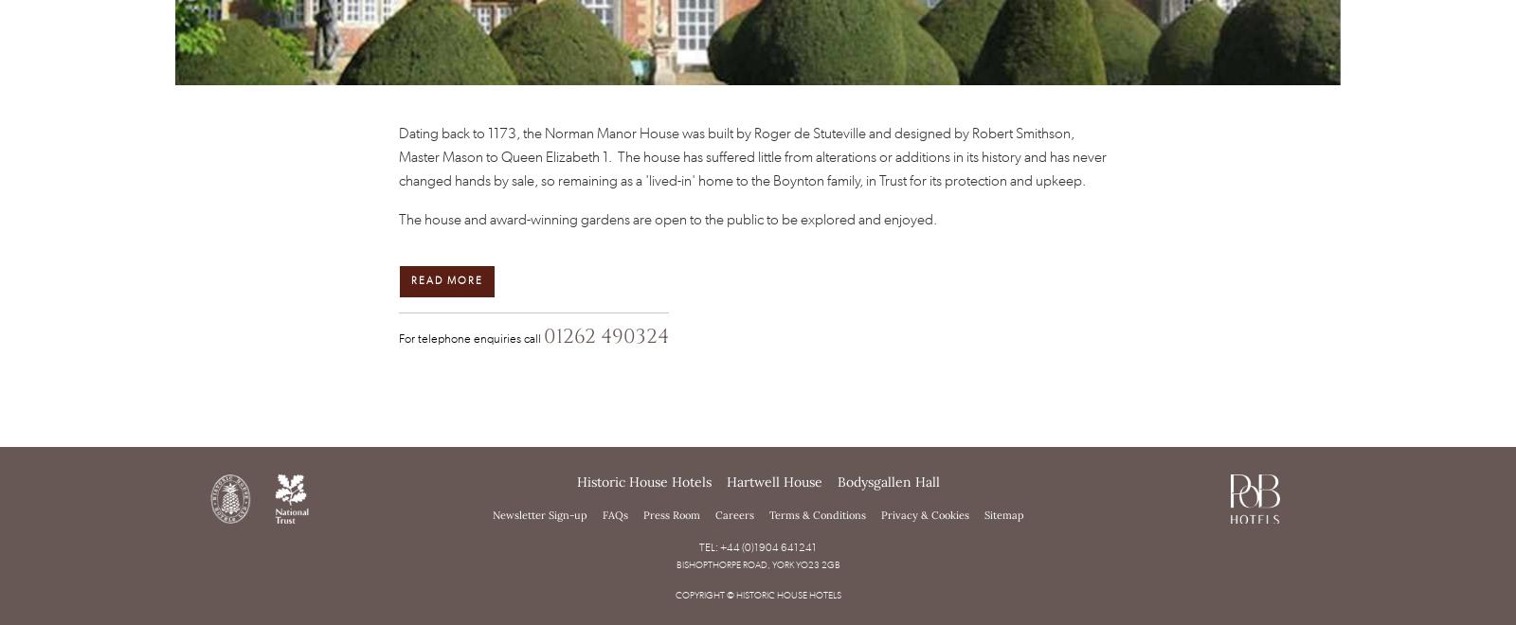  What do you see at coordinates (397, 154) in the screenshot?
I see `'Dating back to 1173, the Norman Manor House was built by Roger de Stuteville and designed by Robert Smithson, Master Mason to Queen Elizabeth 1.  The house has suffered little from alterations or additions in its history and has never changed hands by sale, so remaining as a 'lived-in' home to the Boynton family, in Trust for its protection and upkeep.'` at bounding box center [397, 154].